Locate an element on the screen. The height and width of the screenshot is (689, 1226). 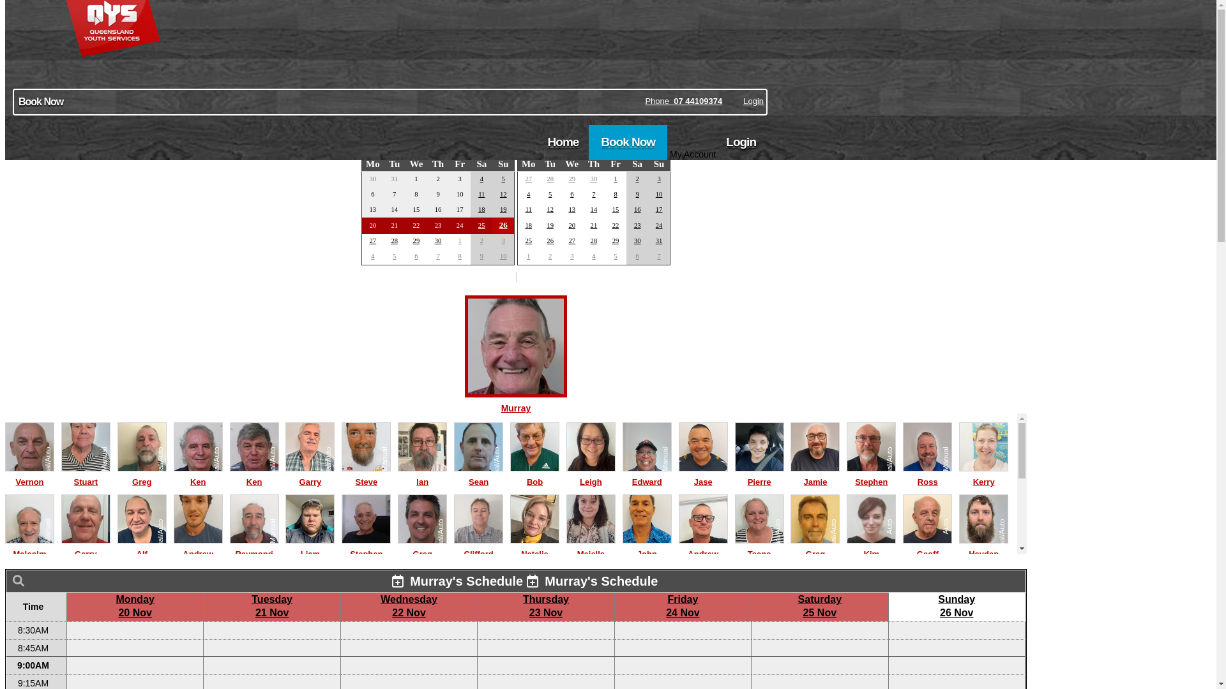
'Tuesday is located at coordinates (271, 605).